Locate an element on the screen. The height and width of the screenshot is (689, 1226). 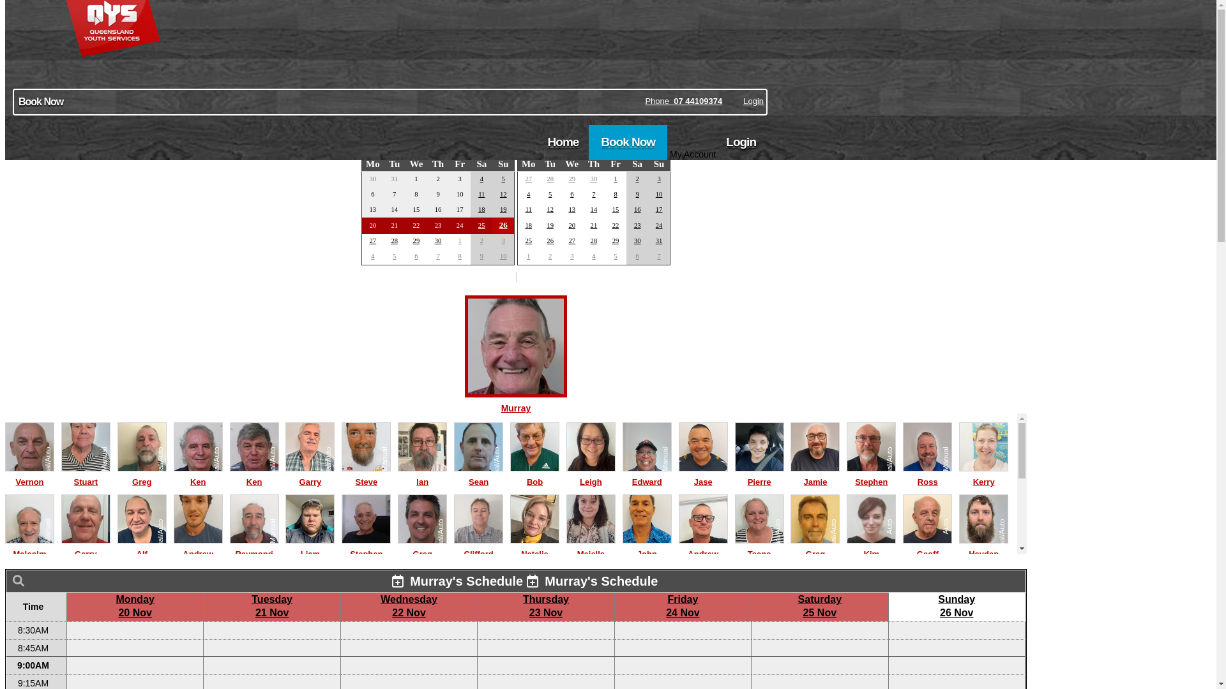
'Tuesday is located at coordinates (271, 605).